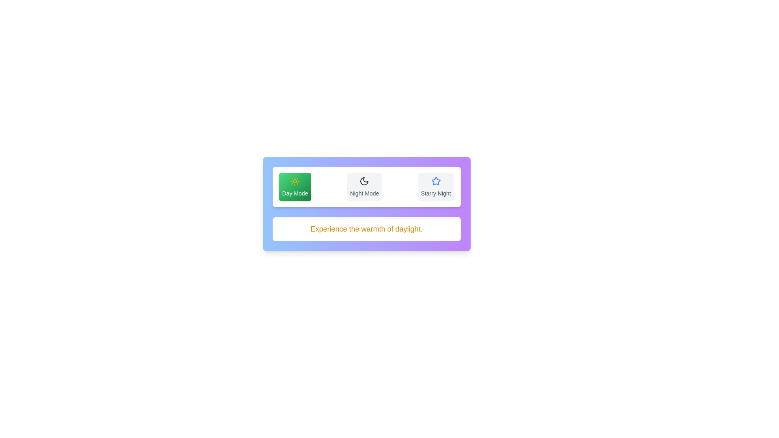  I want to click on the crescent moon icon representing the 'Night Mode' option in the interface, which is centered above the 'Night Mode' label, so click(364, 181).